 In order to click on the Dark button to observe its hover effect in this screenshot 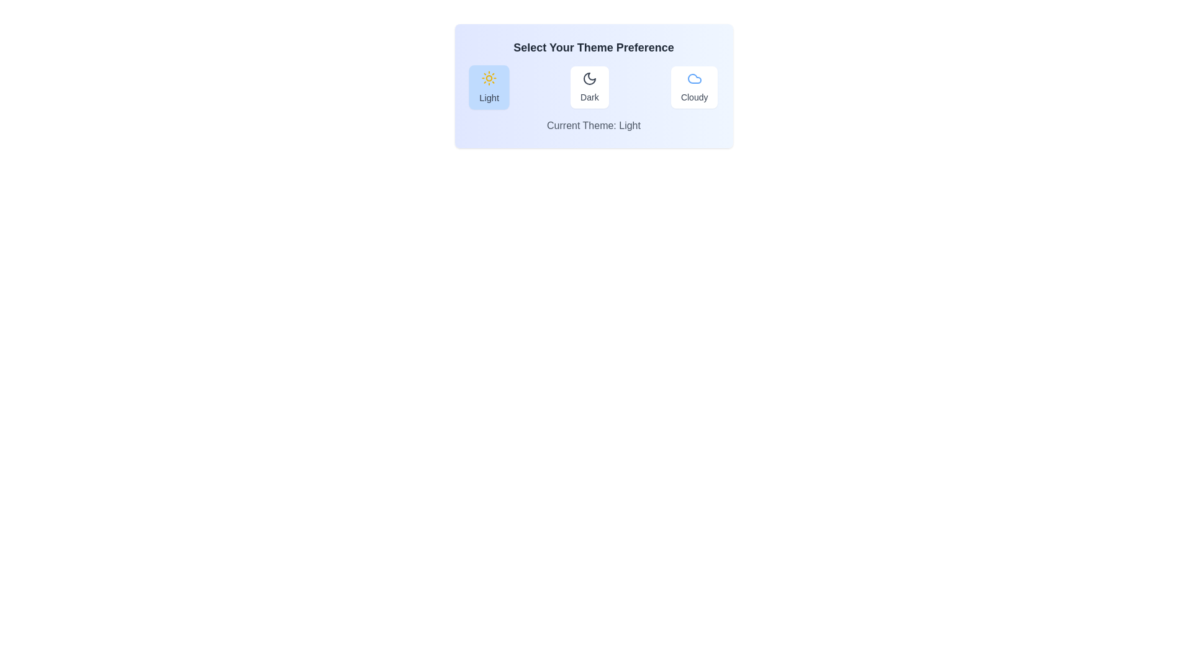, I will do `click(589, 87)`.